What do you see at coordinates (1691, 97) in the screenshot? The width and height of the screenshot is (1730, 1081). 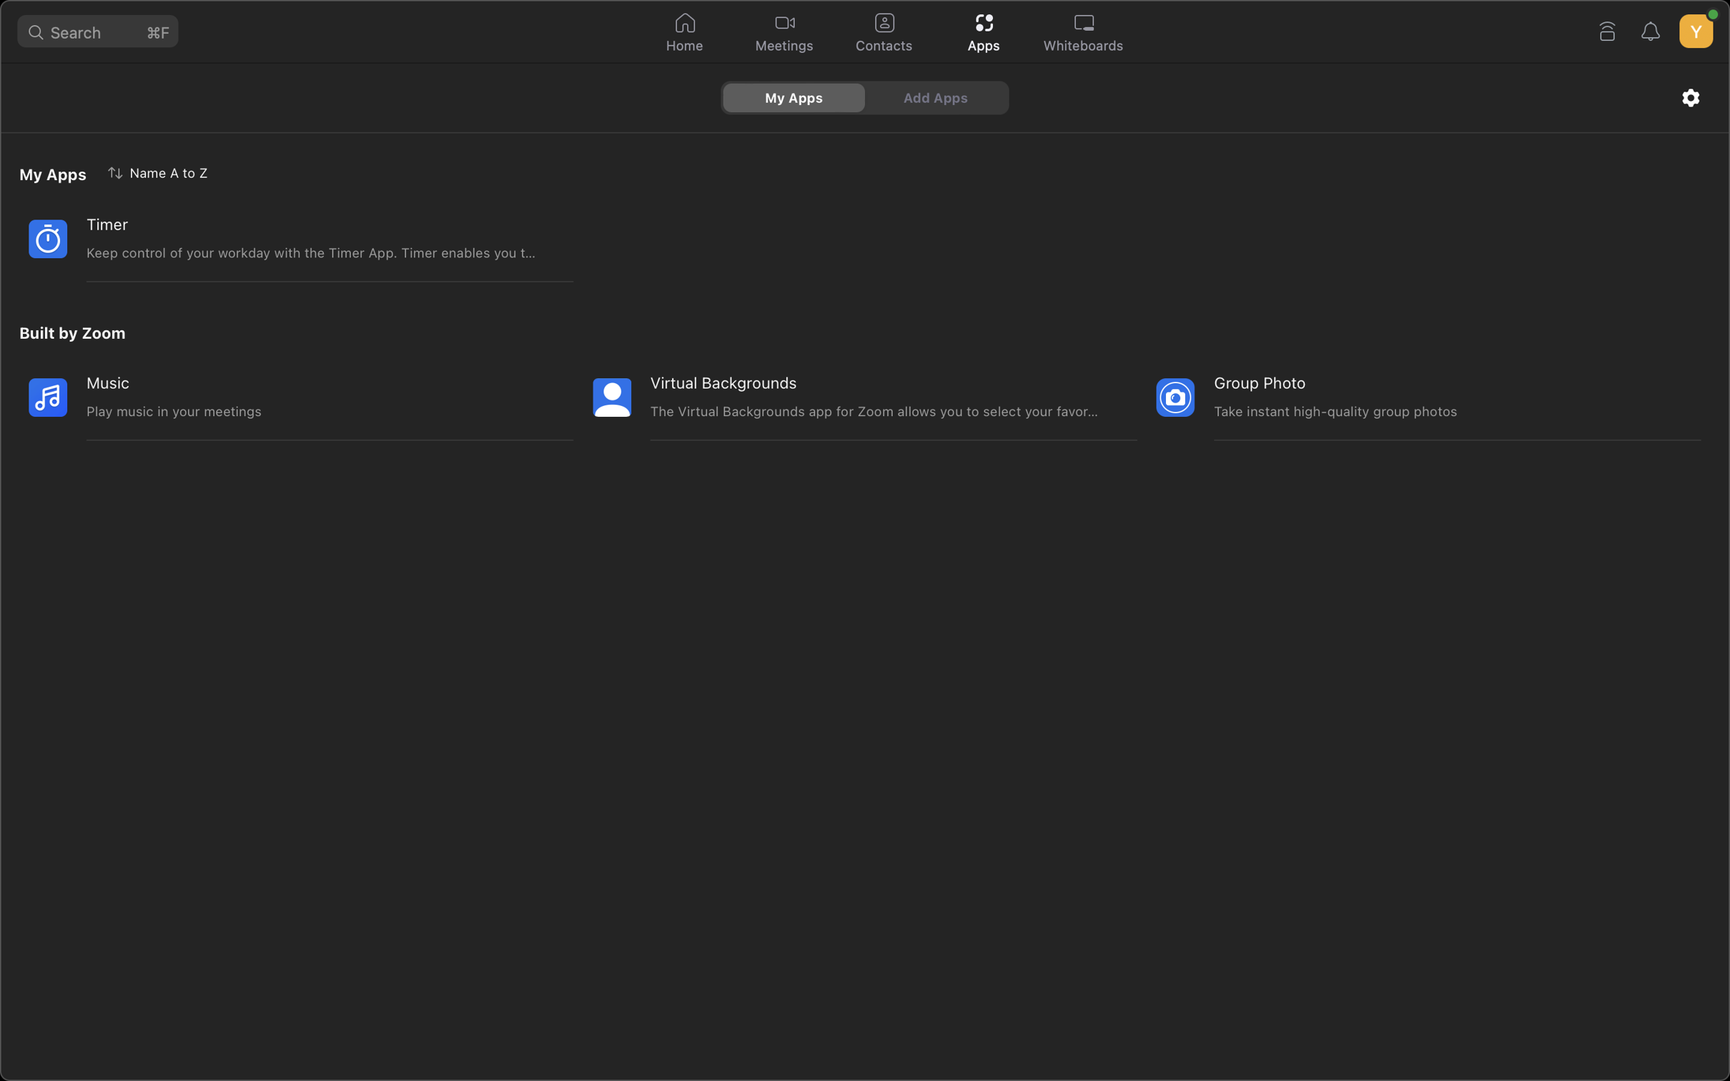 I see `settings in Zoom` at bounding box center [1691, 97].